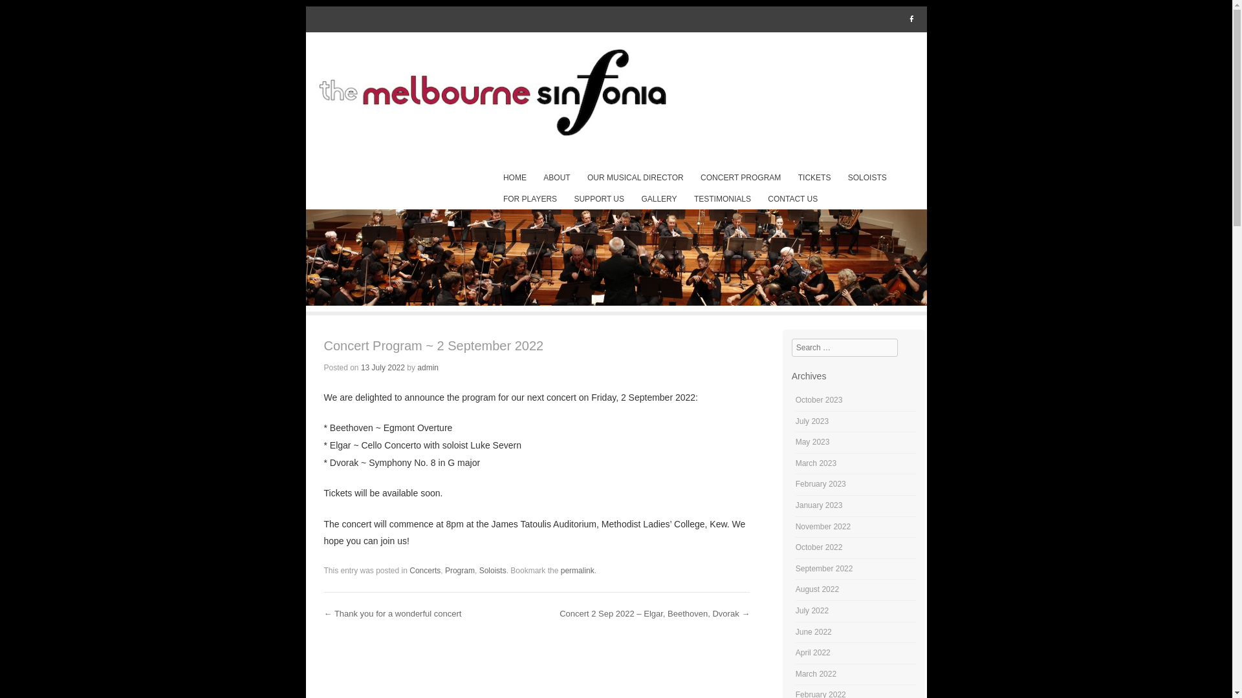 The width and height of the screenshot is (1242, 698). I want to click on 'TICKETS', so click(791, 178).